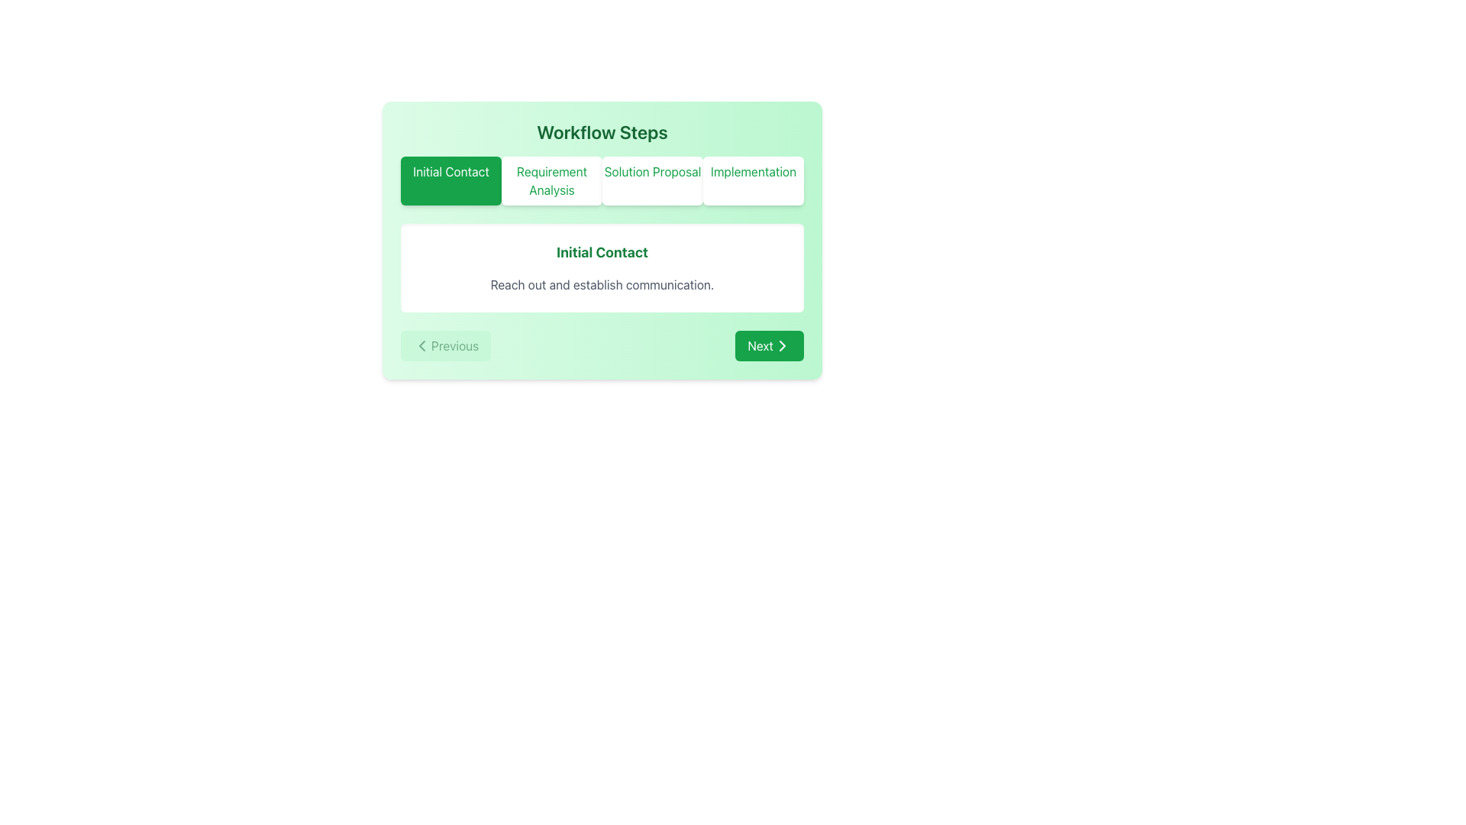 This screenshot has width=1466, height=825. I want to click on the 'Solution Proposal' button, which is the third button in the horizontal series under the 'Workflow Steps' heading, so click(652, 180).